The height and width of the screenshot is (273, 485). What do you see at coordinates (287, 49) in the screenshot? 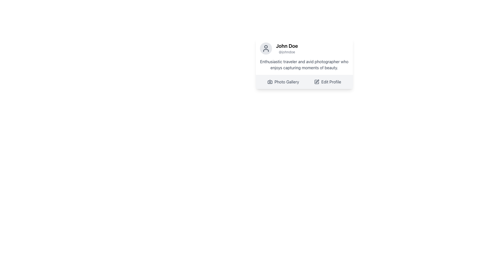
I see `the text label displaying the user's full name and username located to the right of the circular user avatar` at bounding box center [287, 49].